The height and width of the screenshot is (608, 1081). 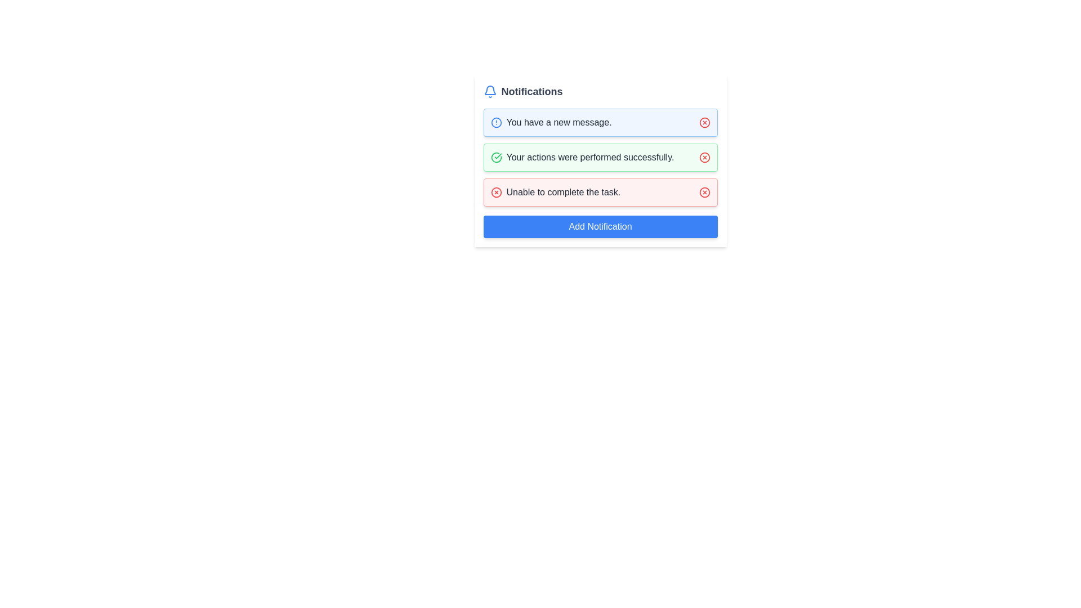 I want to click on the text label displaying 'Unable to complete the task.' which is located within a notification card, positioned to the right of a red circular icon with an 'x' inside it, and is the third notification in a vertical stack, so click(x=563, y=192).